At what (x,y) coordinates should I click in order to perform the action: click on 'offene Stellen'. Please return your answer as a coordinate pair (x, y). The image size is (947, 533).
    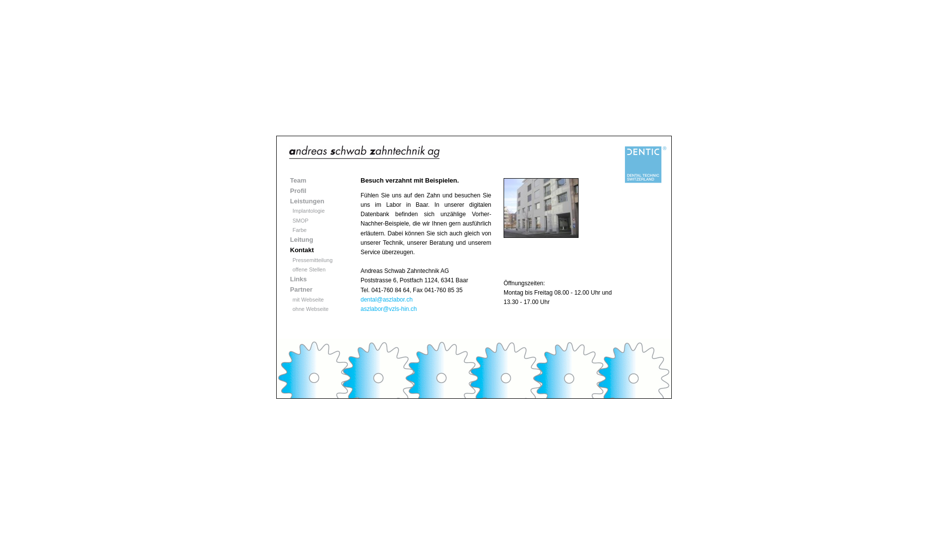
    Looking at the image, I should click on (308, 269).